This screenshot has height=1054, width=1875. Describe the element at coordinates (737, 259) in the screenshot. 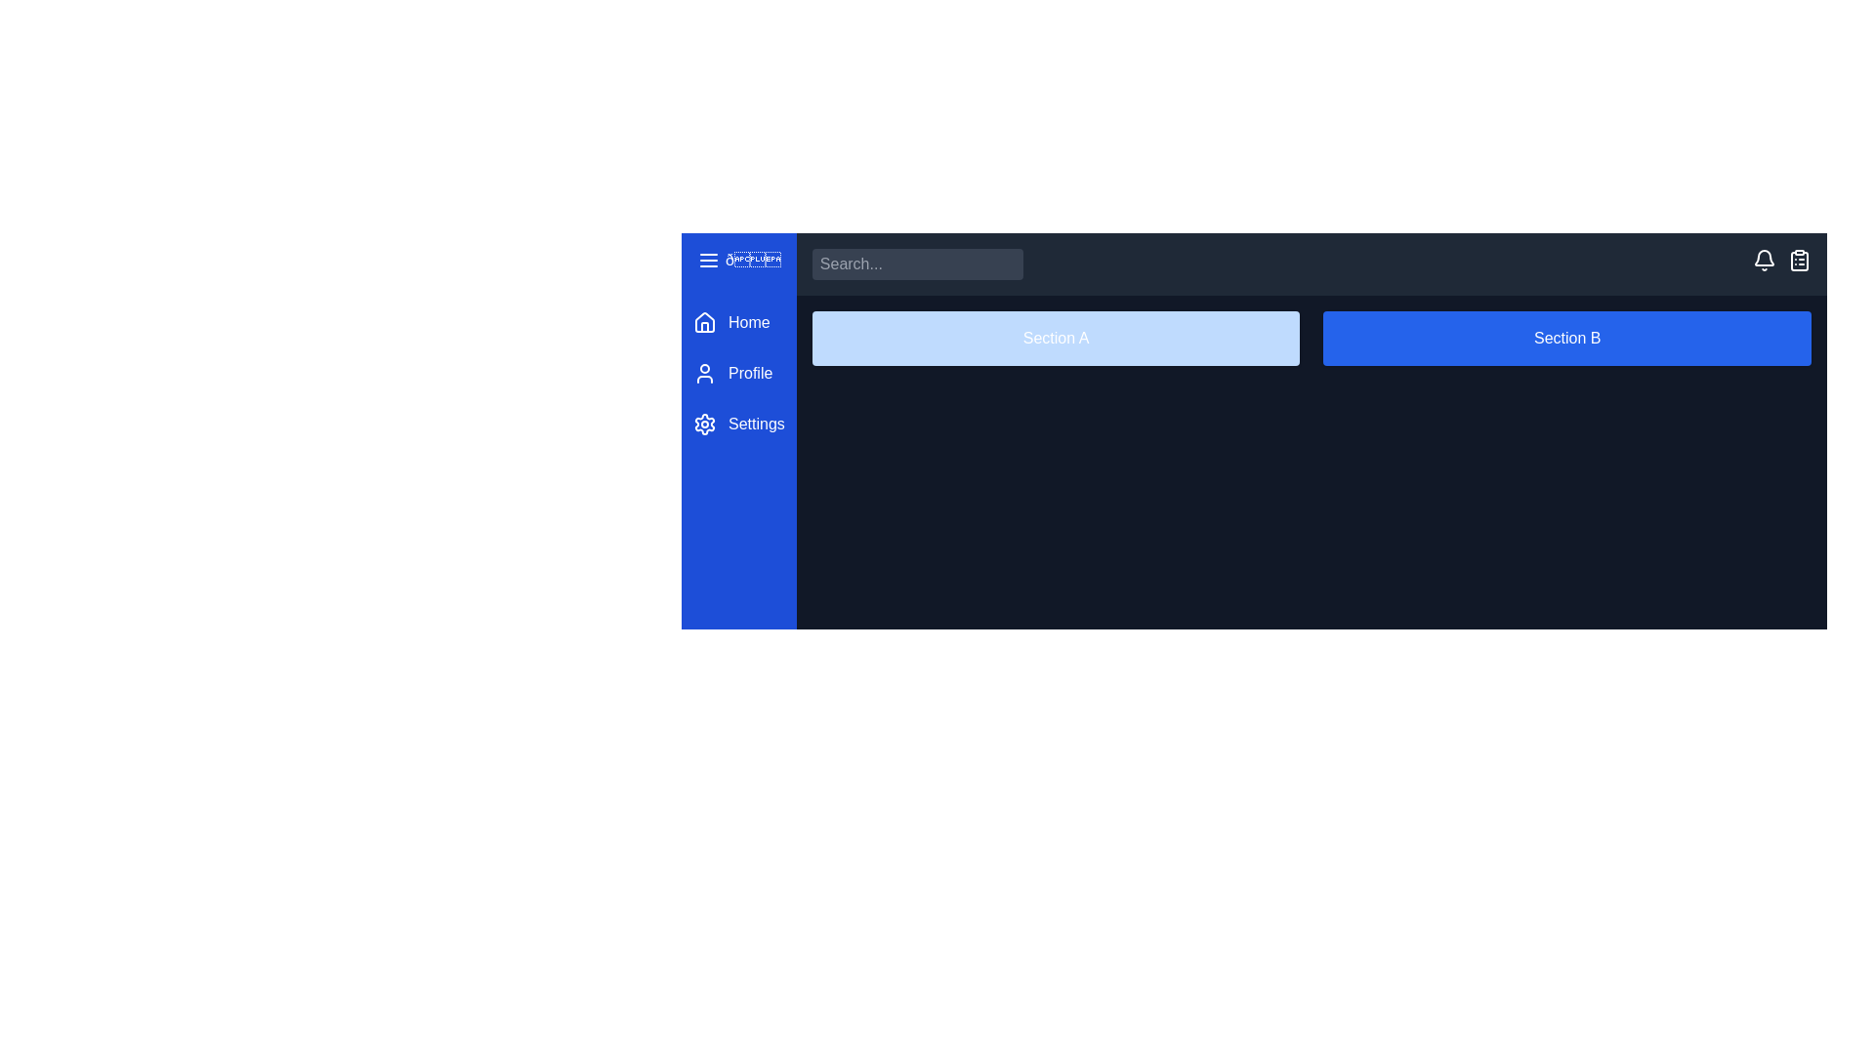

I see `the decorative icon located in the top-left corner of the sidebar, adjacent to the menu icon` at that location.